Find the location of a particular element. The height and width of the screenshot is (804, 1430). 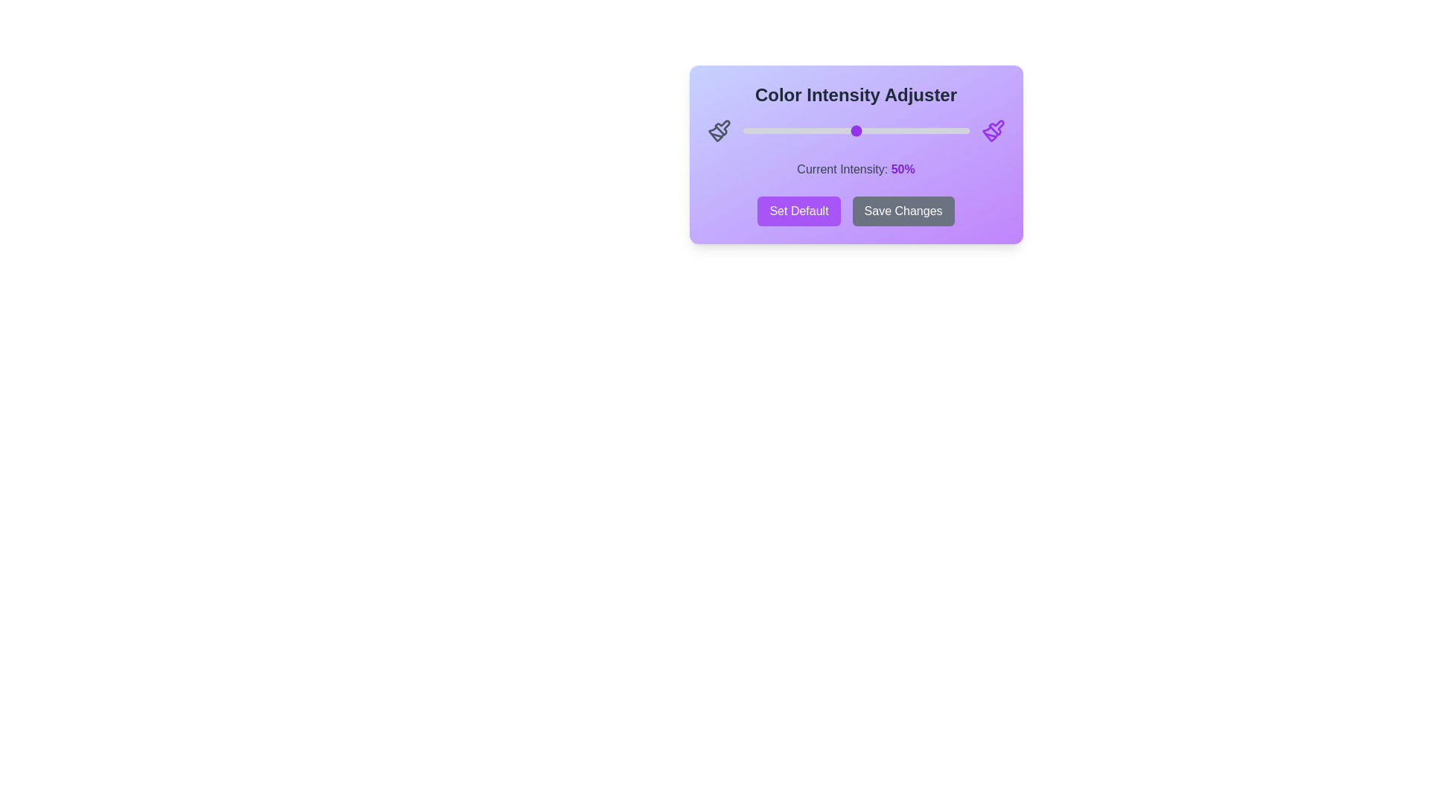

the slider to 84% to adjust the color intensity is located at coordinates (932, 130).